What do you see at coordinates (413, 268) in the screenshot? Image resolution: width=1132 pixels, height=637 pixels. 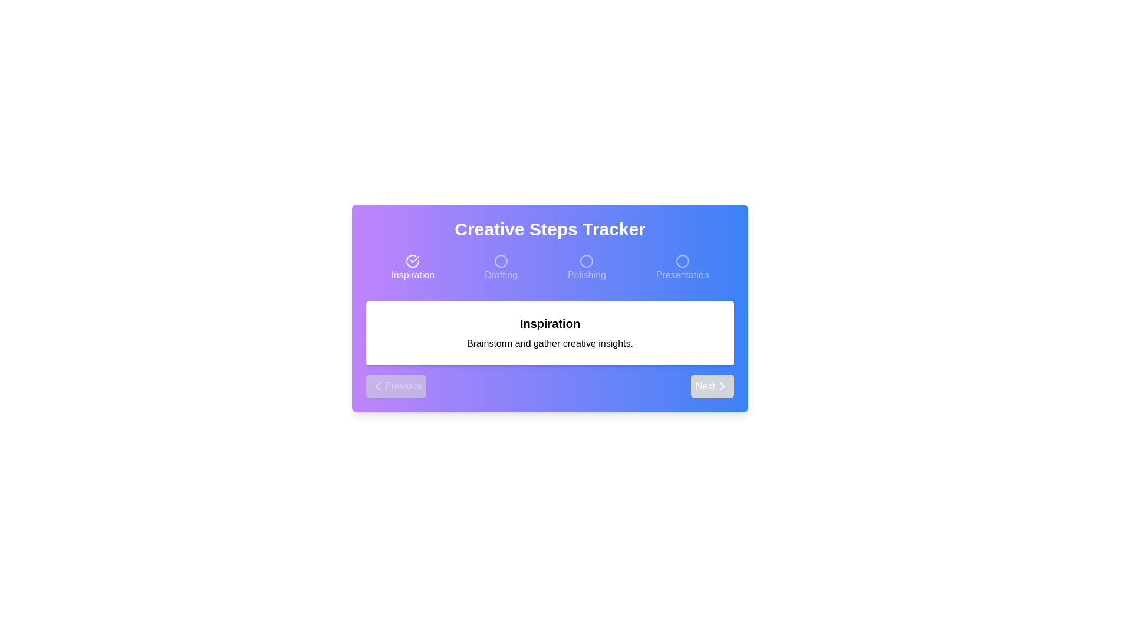 I see `the step circle corresponding to Inspiration to view its details` at bounding box center [413, 268].